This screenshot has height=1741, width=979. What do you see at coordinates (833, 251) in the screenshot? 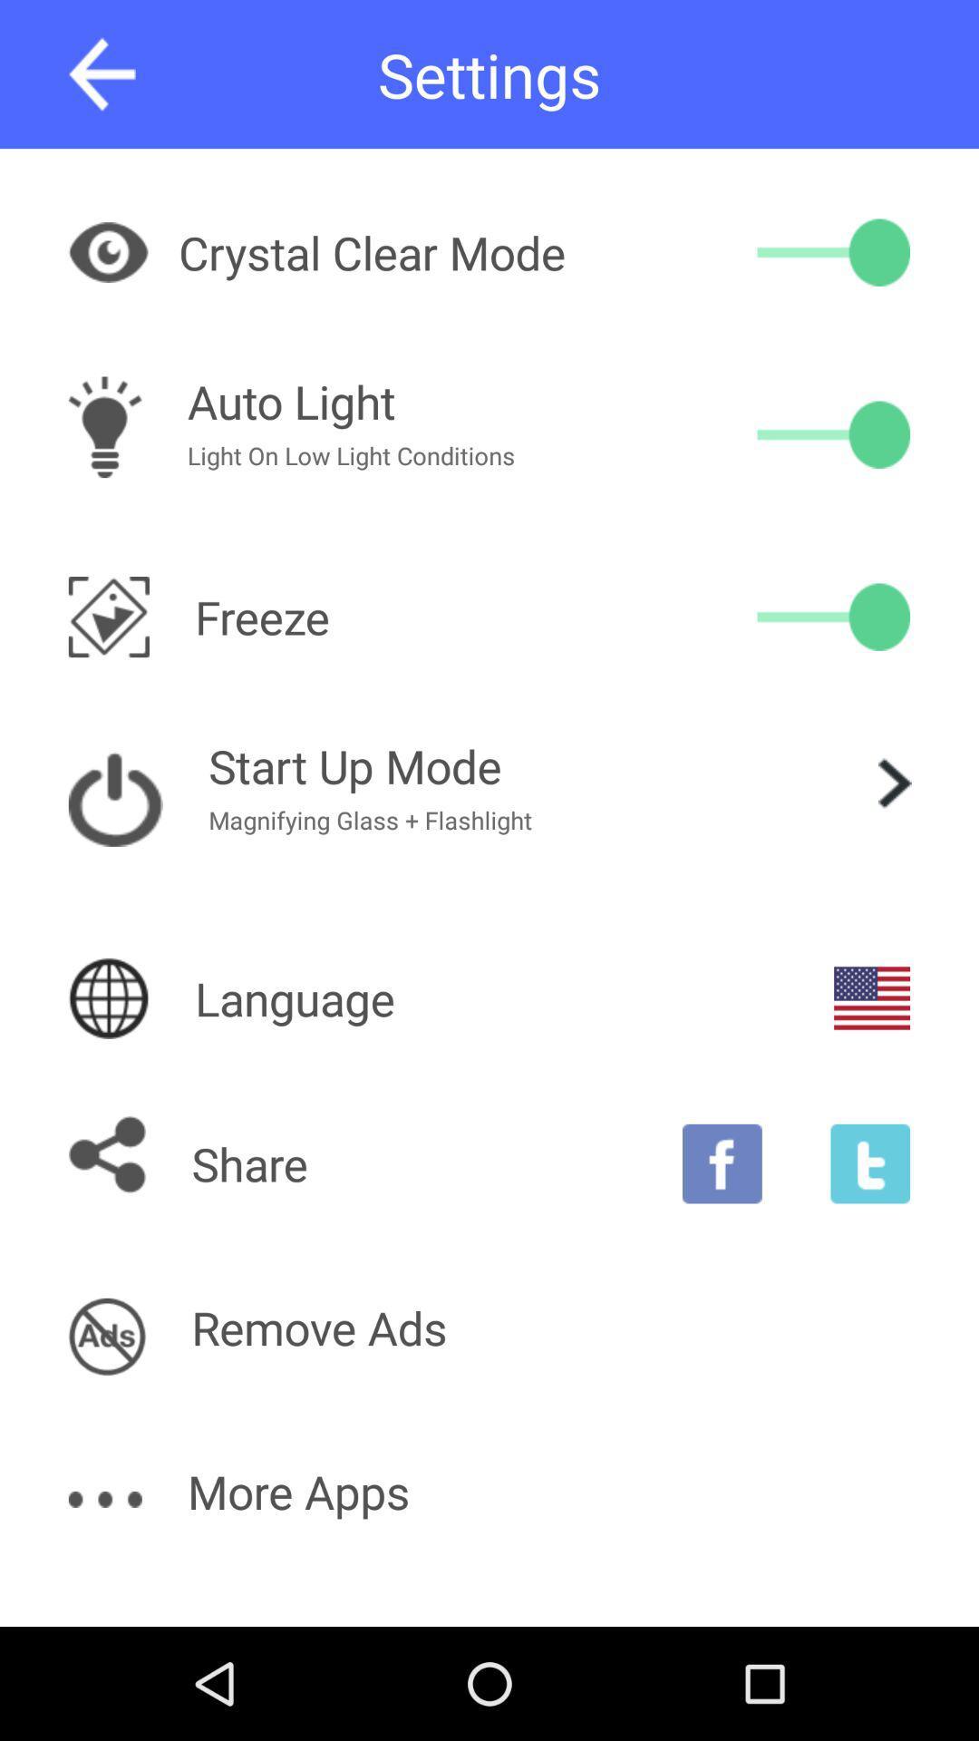
I see `crystal clear mode` at bounding box center [833, 251].